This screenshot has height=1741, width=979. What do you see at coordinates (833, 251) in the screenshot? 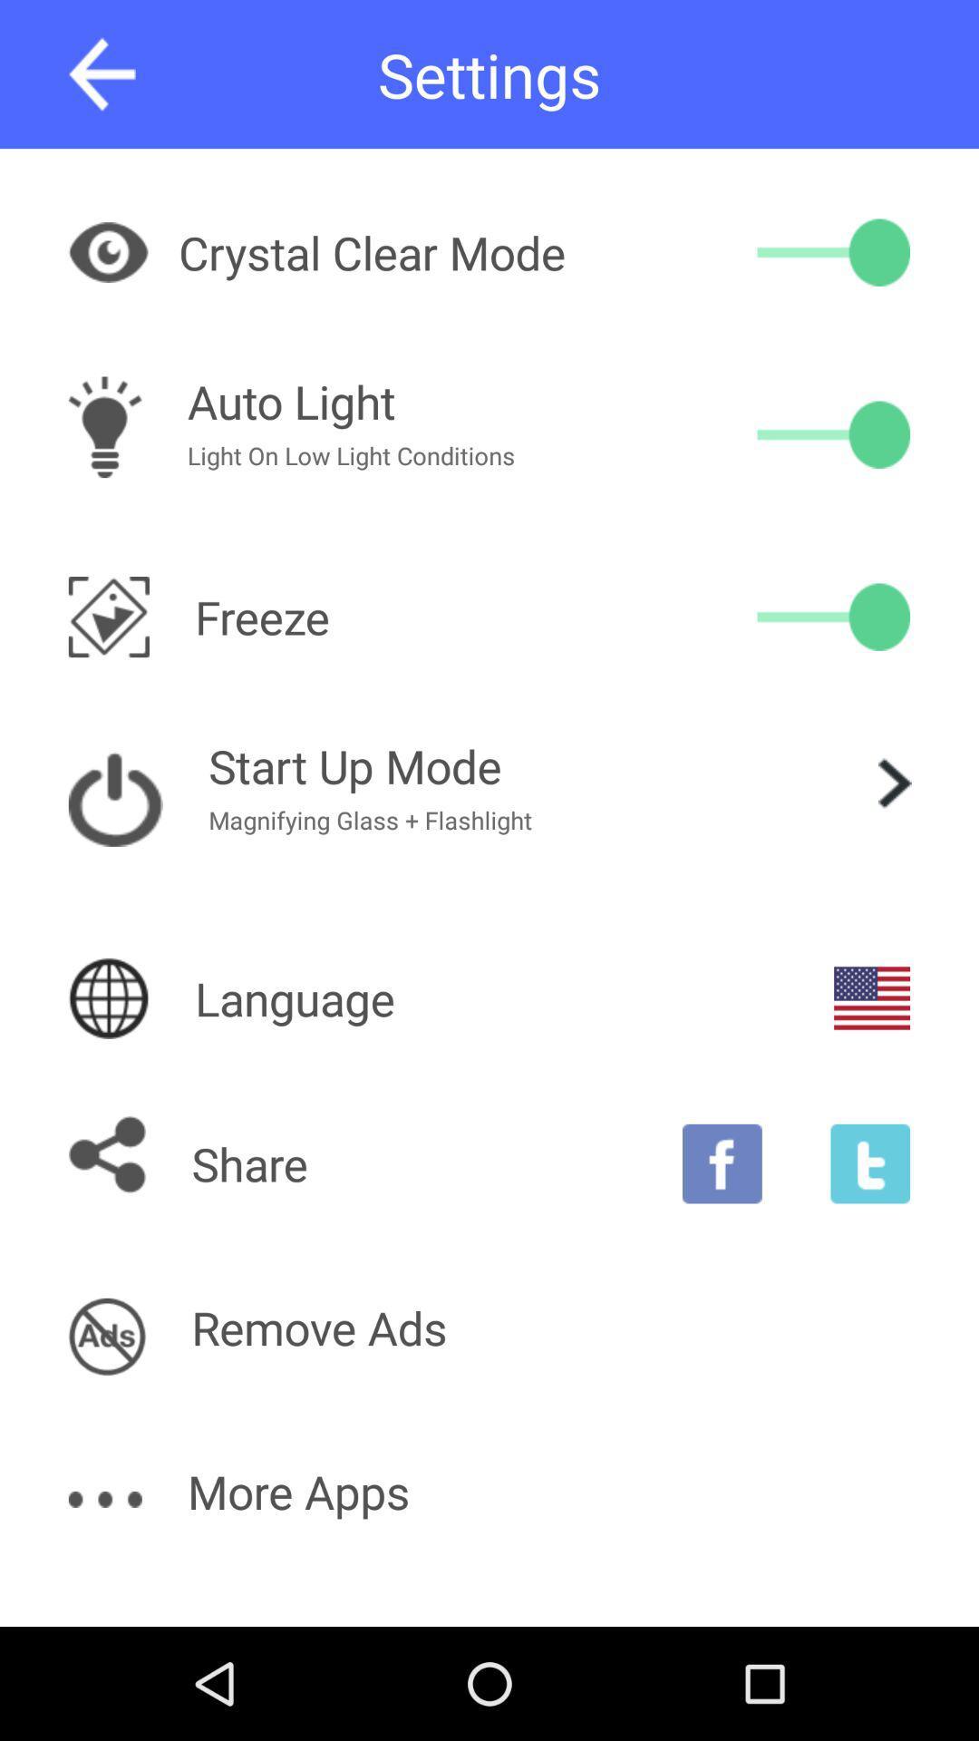
I see `crystal clear mode` at bounding box center [833, 251].